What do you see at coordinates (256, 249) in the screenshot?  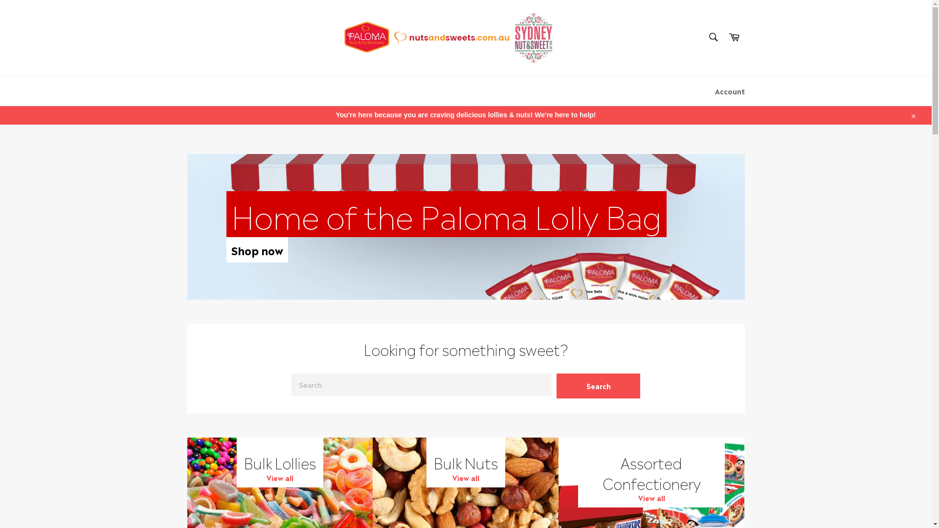 I see `'Shop now'` at bounding box center [256, 249].